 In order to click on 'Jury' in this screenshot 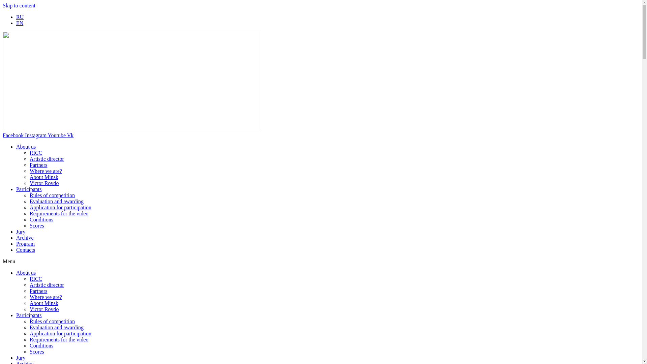, I will do `click(21, 231)`.